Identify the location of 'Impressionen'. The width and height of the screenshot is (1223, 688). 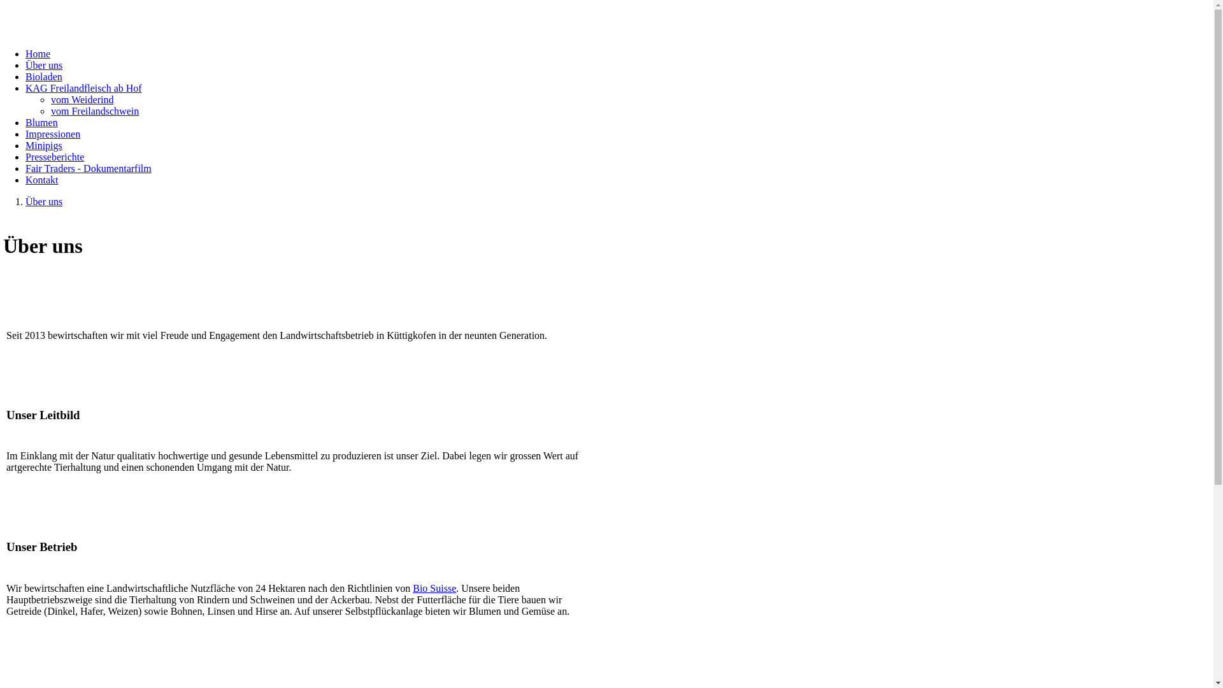
(52, 134).